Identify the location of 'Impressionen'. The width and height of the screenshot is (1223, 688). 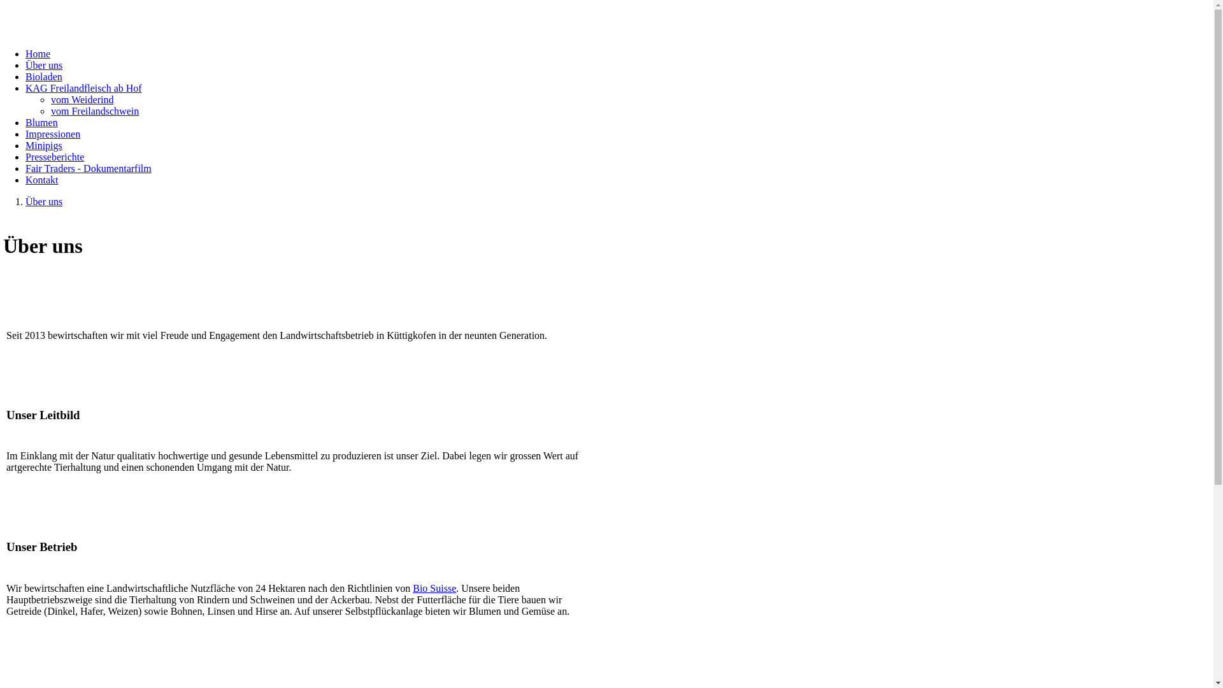
(52, 134).